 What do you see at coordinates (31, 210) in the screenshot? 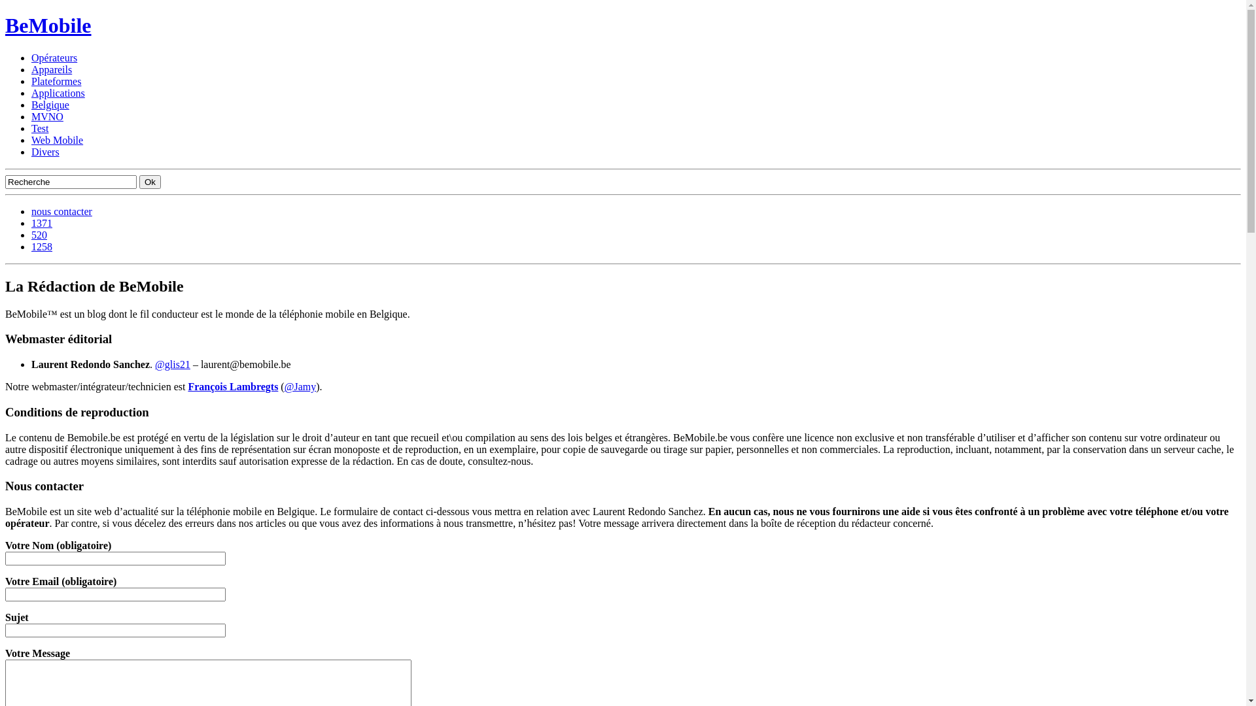
I see `'nous contacter'` at bounding box center [31, 210].